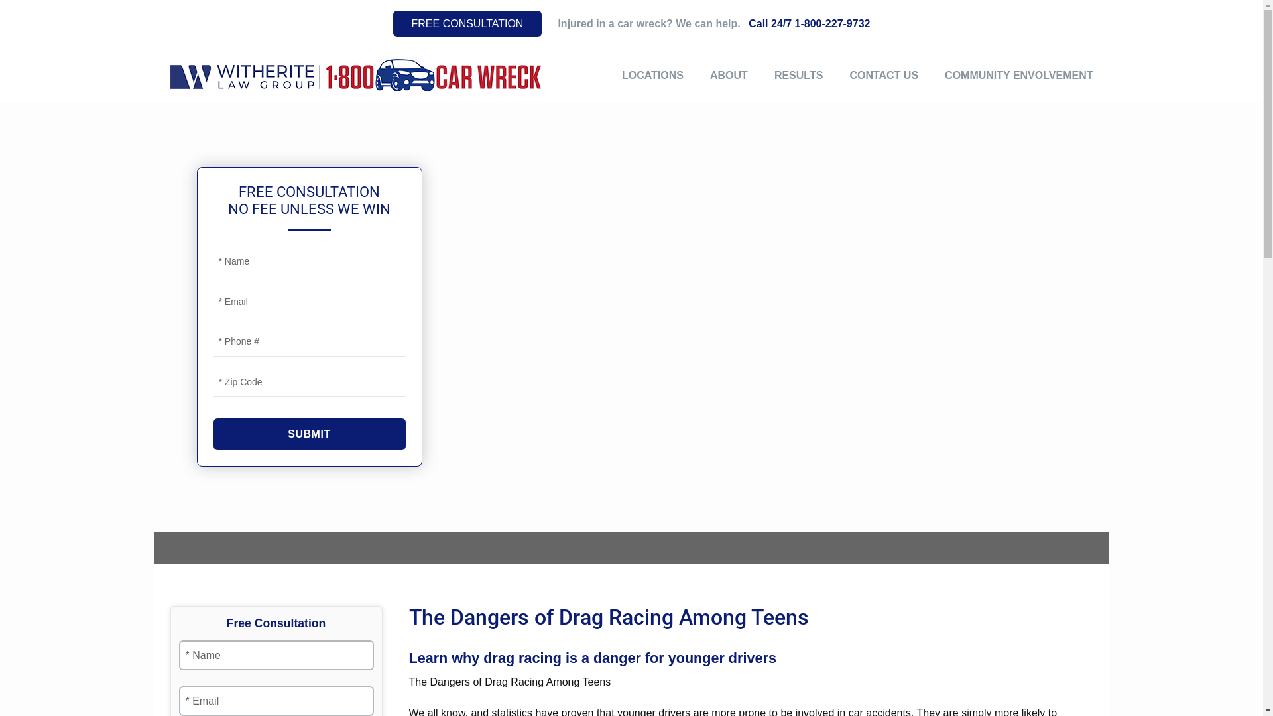 The image size is (1273, 716). Describe the element at coordinates (709, 76) in the screenshot. I see `'ABOUT'` at that location.